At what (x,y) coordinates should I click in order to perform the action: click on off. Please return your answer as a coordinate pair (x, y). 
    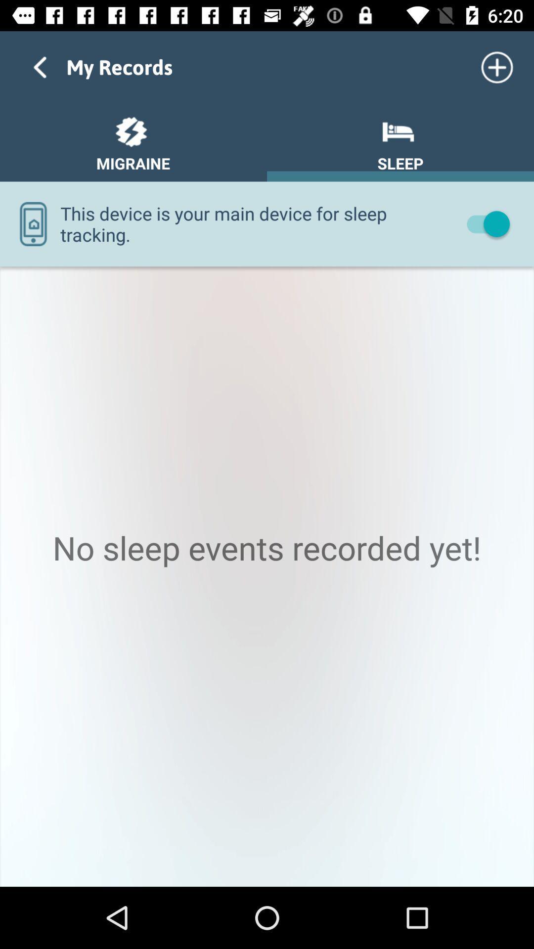
    Looking at the image, I should click on (483, 223).